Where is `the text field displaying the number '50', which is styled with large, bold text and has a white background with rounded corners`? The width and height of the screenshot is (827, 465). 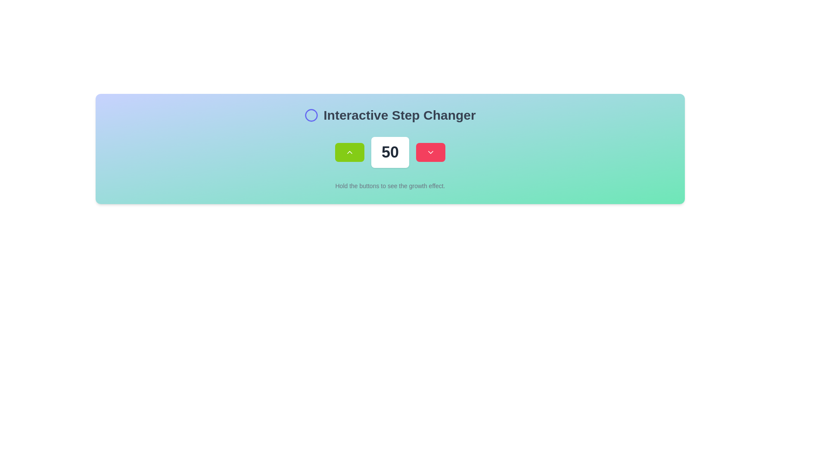
the text field displaying the number '50', which is styled with large, bold text and has a white background with rounded corners is located at coordinates (390, 152).